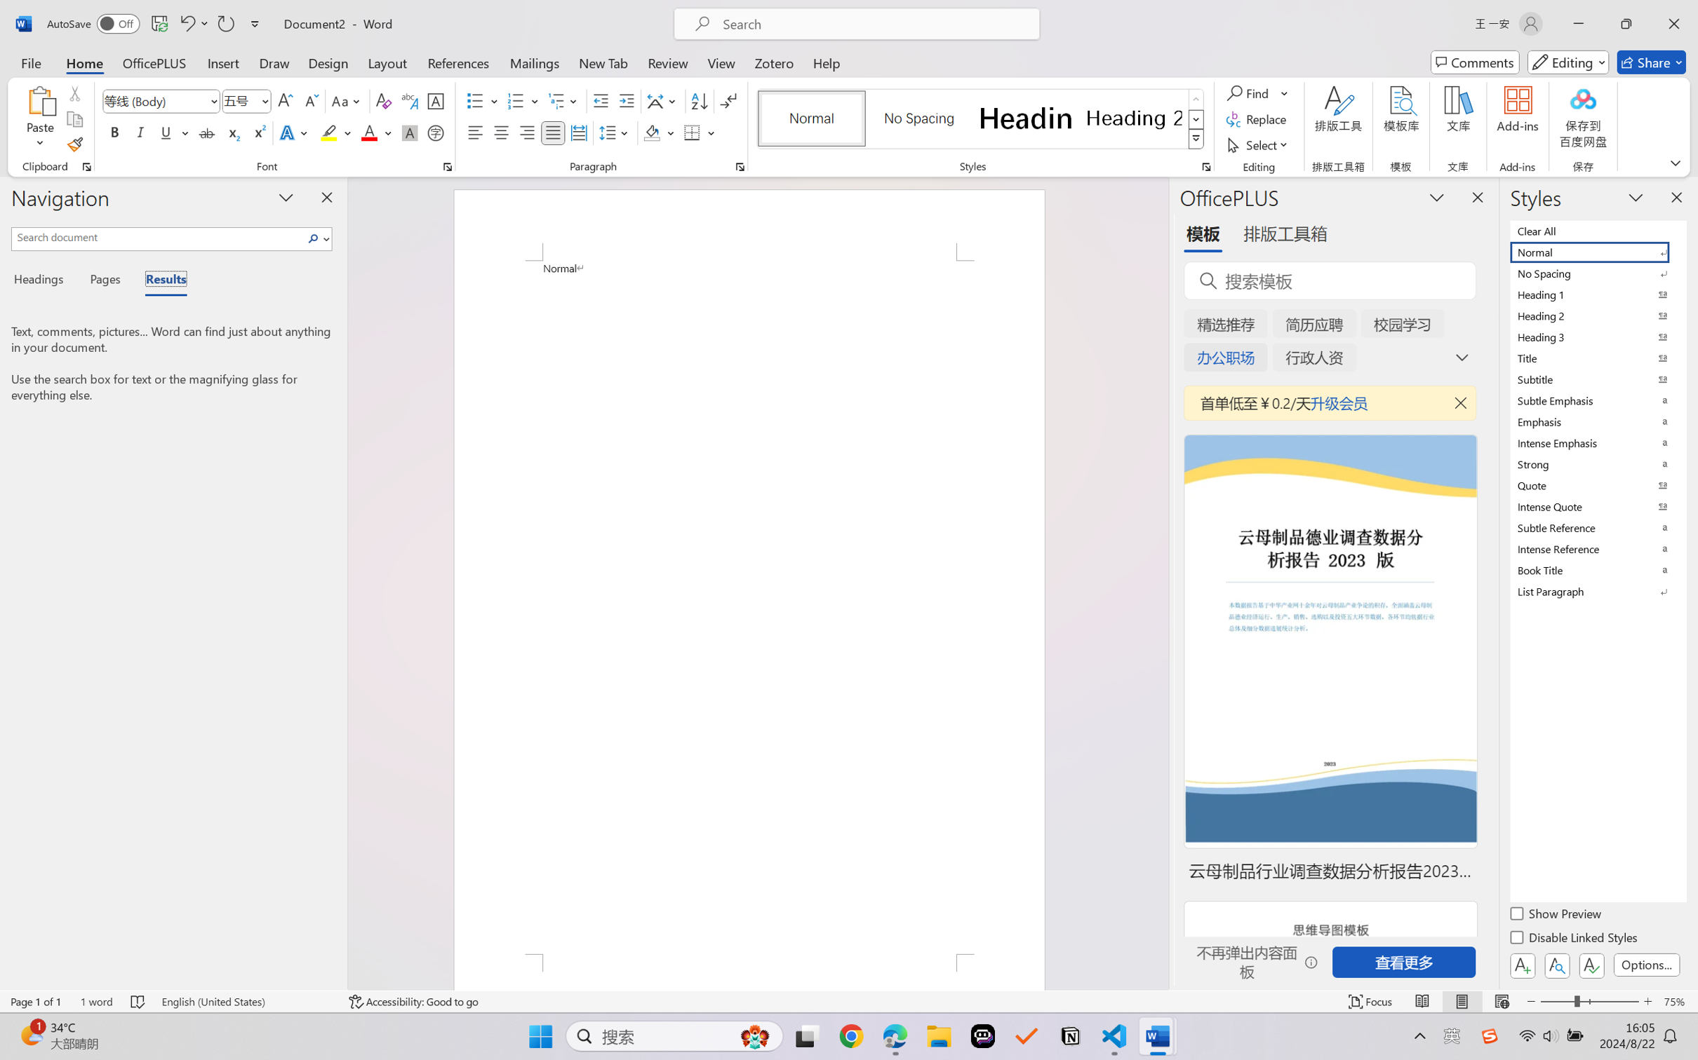  I want to click on 'Repeat Doc Close', so click(225, 23).